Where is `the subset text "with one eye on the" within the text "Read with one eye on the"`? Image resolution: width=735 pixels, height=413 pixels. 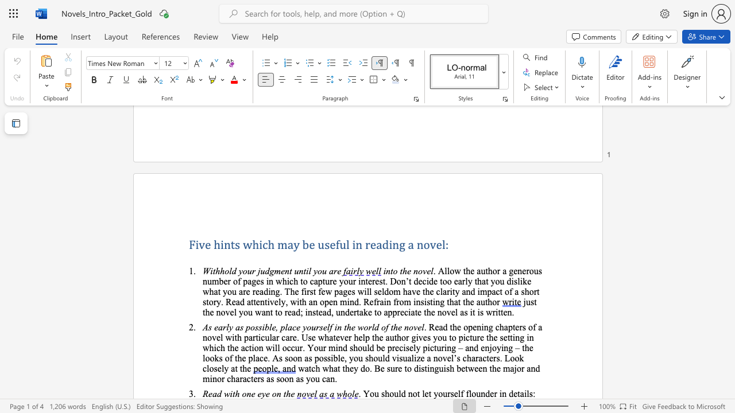
the subset text "with one eye on the" within the text "Read with one eye on the" is located at coordinates (223, 393).